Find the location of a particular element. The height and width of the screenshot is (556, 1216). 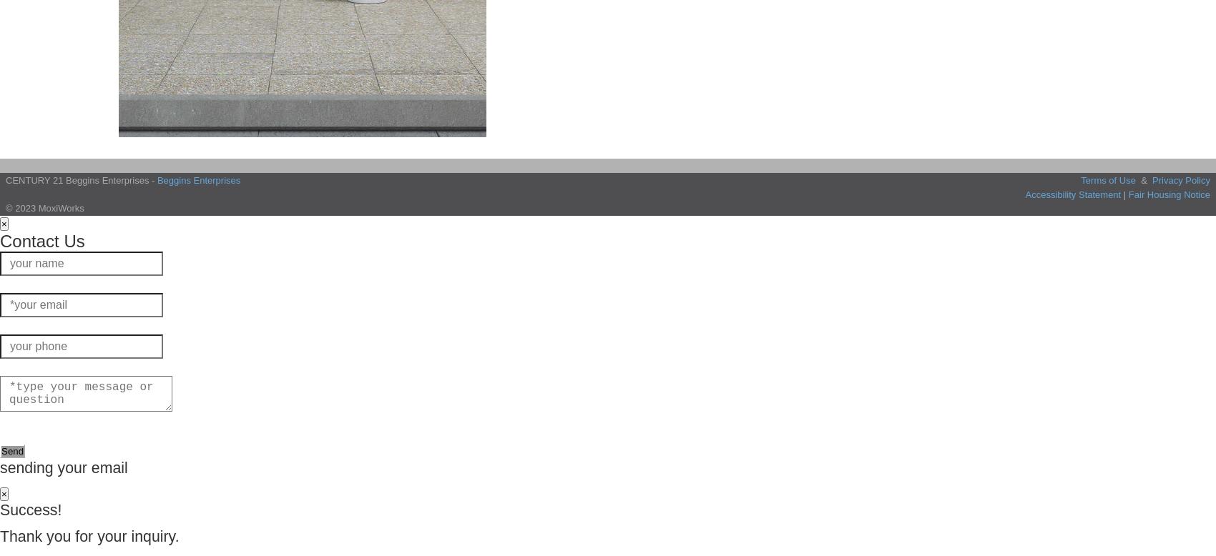

'Thank you for your inquiry.' is located at coordinates (88, 536).